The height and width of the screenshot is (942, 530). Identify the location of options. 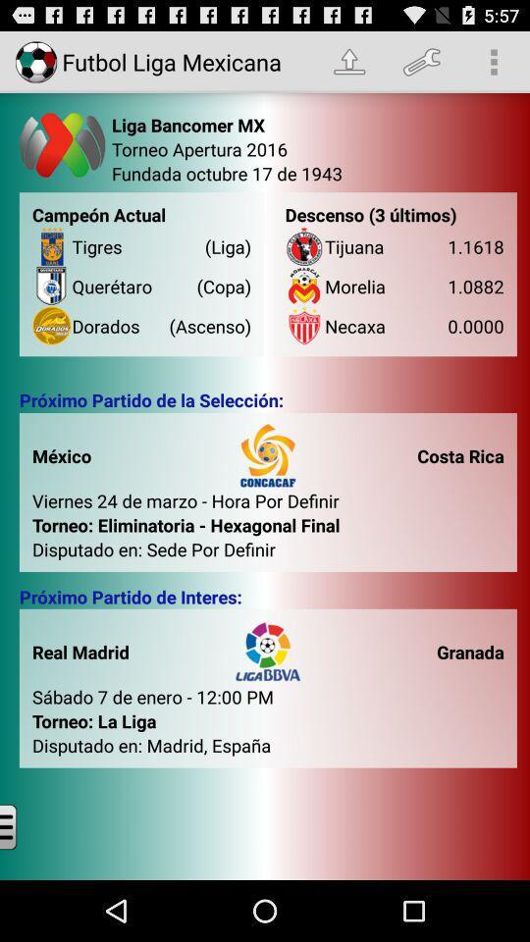
(23, 825).